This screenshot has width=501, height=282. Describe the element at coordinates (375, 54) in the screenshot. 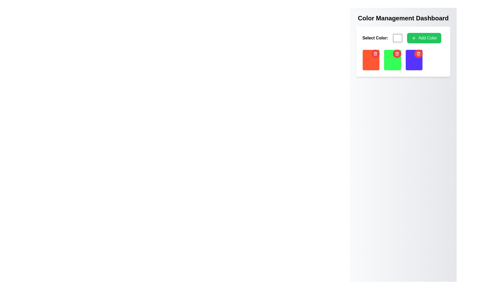

I see `the circular red button with a white trash icon located in the top-right corner of the first red rectangular card under the 'Select Color' section` at that location.